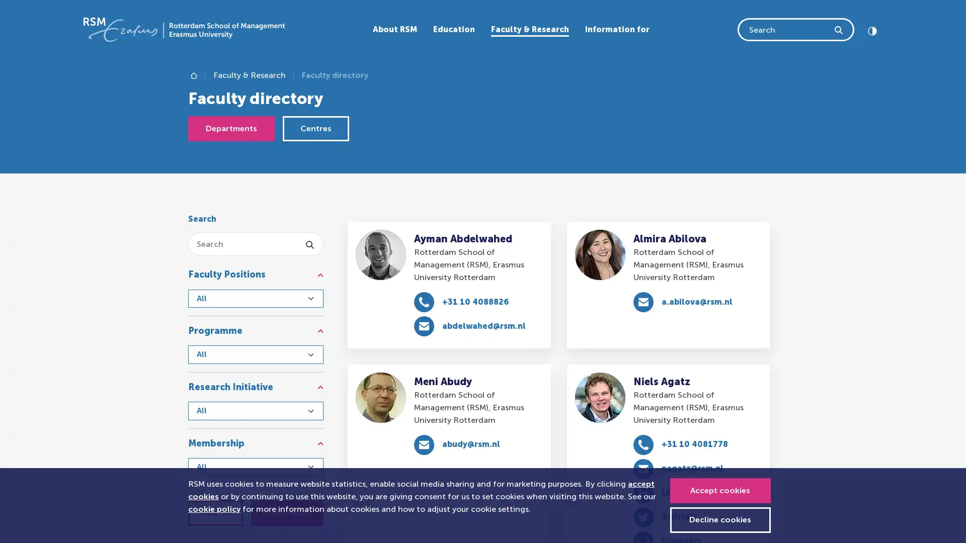  Describe the element at coordinates (256, 442) in the screenshot. I see `Membership` at that location.